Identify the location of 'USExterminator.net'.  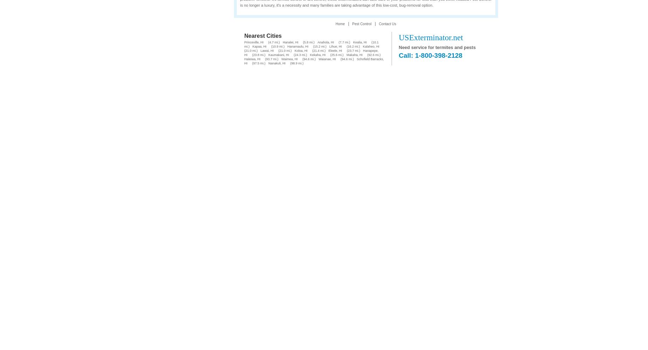
(398, 37).